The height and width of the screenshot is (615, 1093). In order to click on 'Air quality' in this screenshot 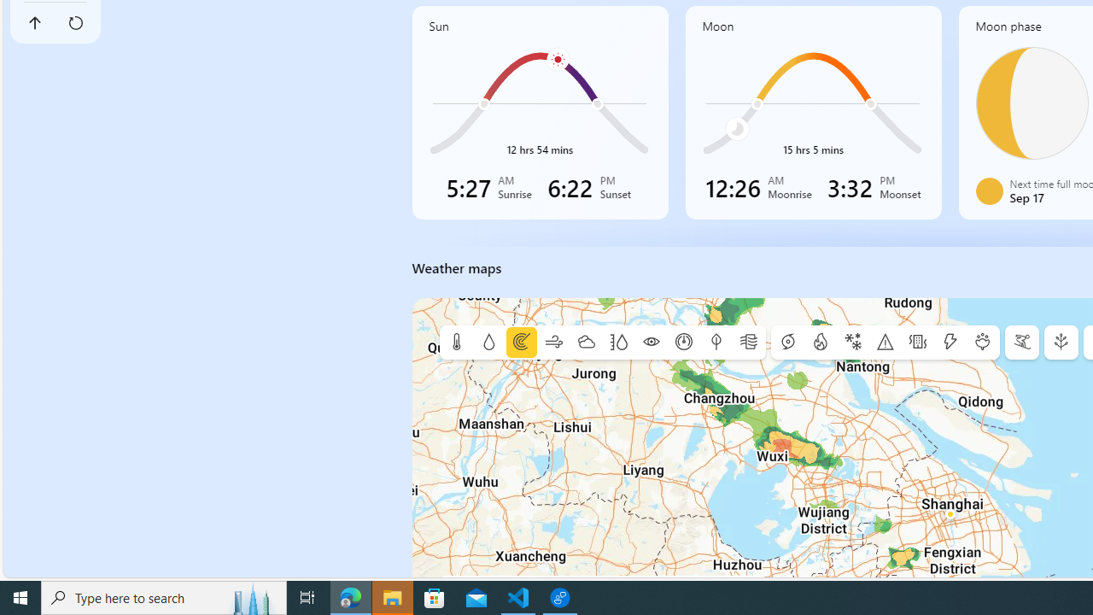, I will do `click(748, 343)`.